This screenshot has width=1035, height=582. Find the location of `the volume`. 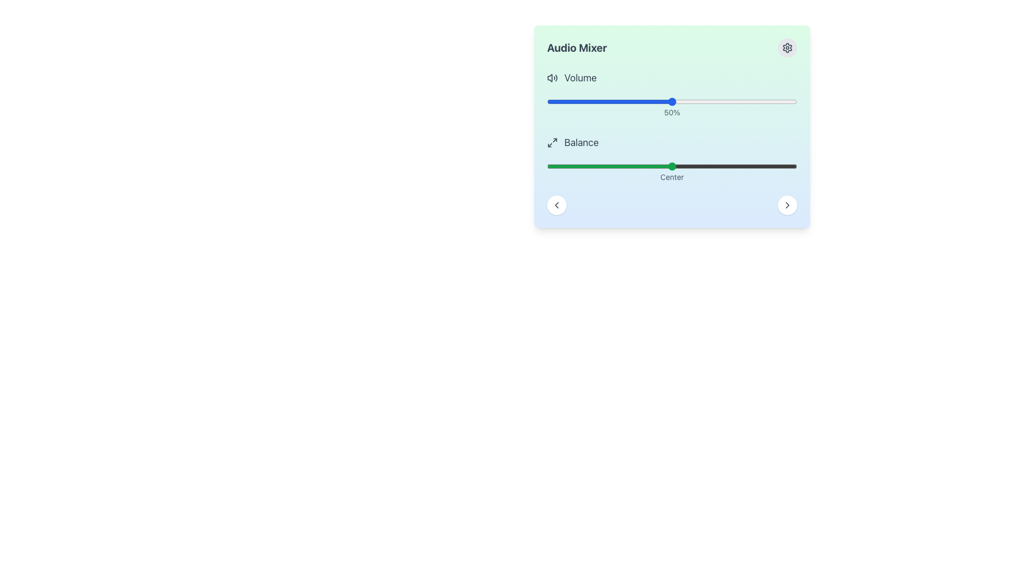

the volume is located at coordinates (642, 102).